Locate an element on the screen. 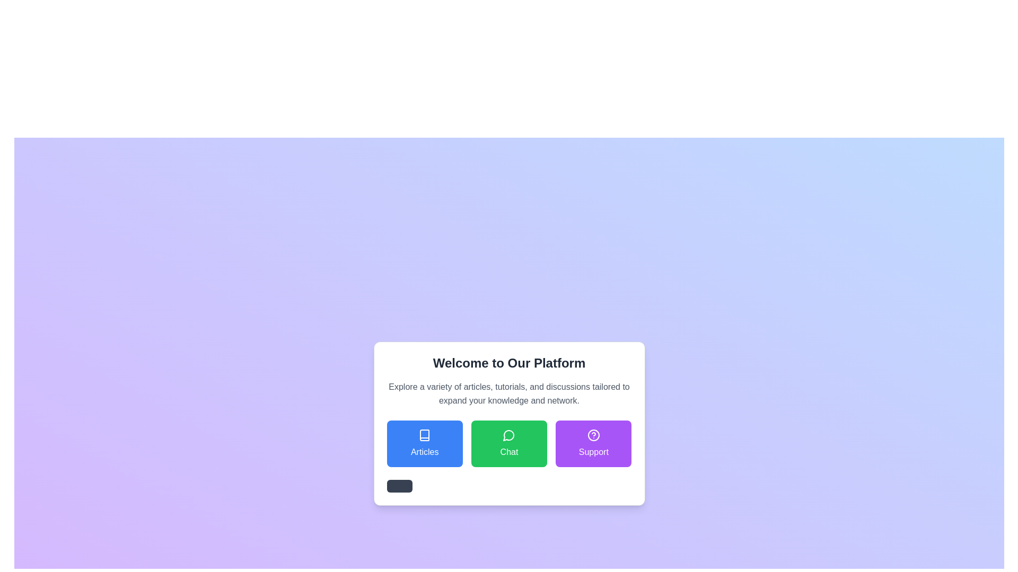 The width and height of the screenshot is (1018, 572). the purple 'Support' button, which has a question mark icon and is the third button in the row is located at coordinates (593, 443).